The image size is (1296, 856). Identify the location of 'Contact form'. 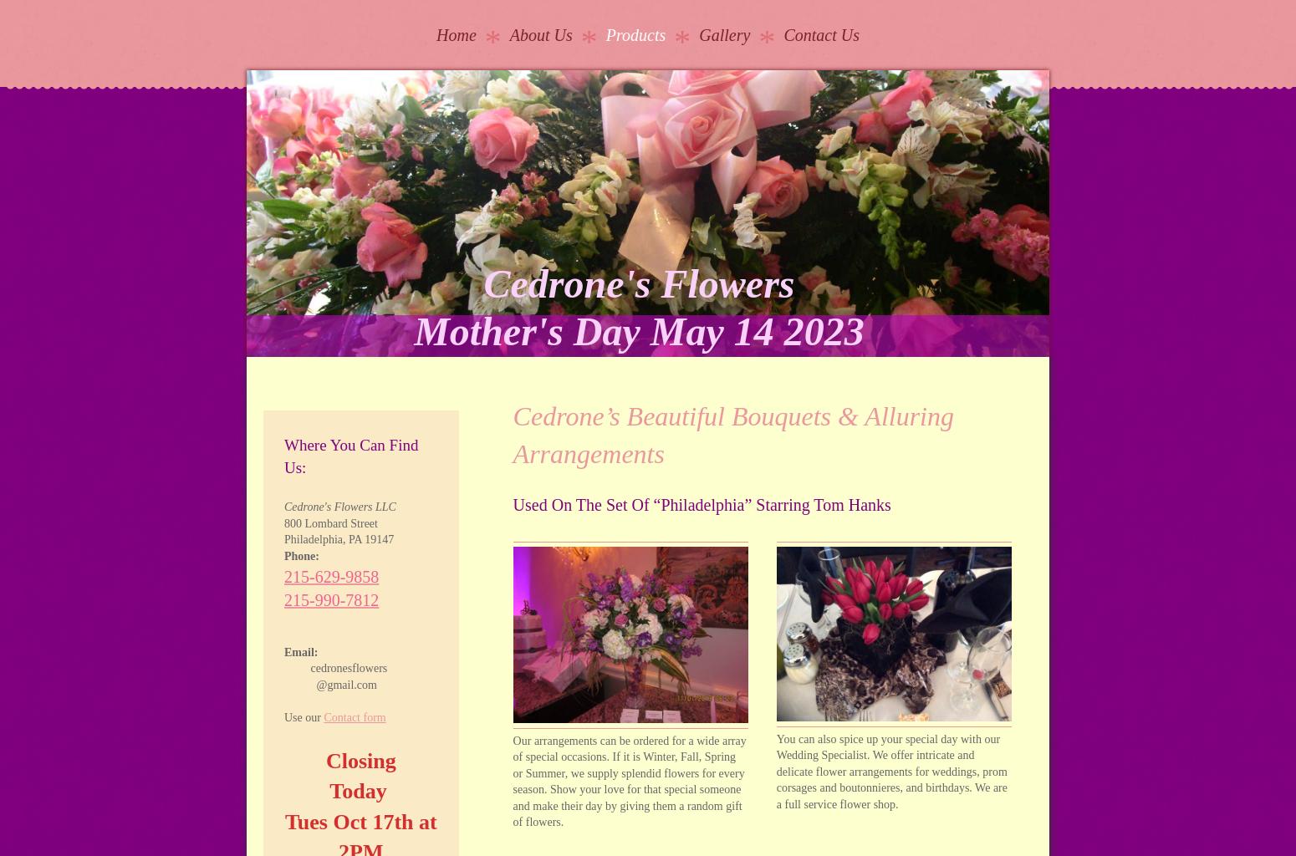
(354, 717).